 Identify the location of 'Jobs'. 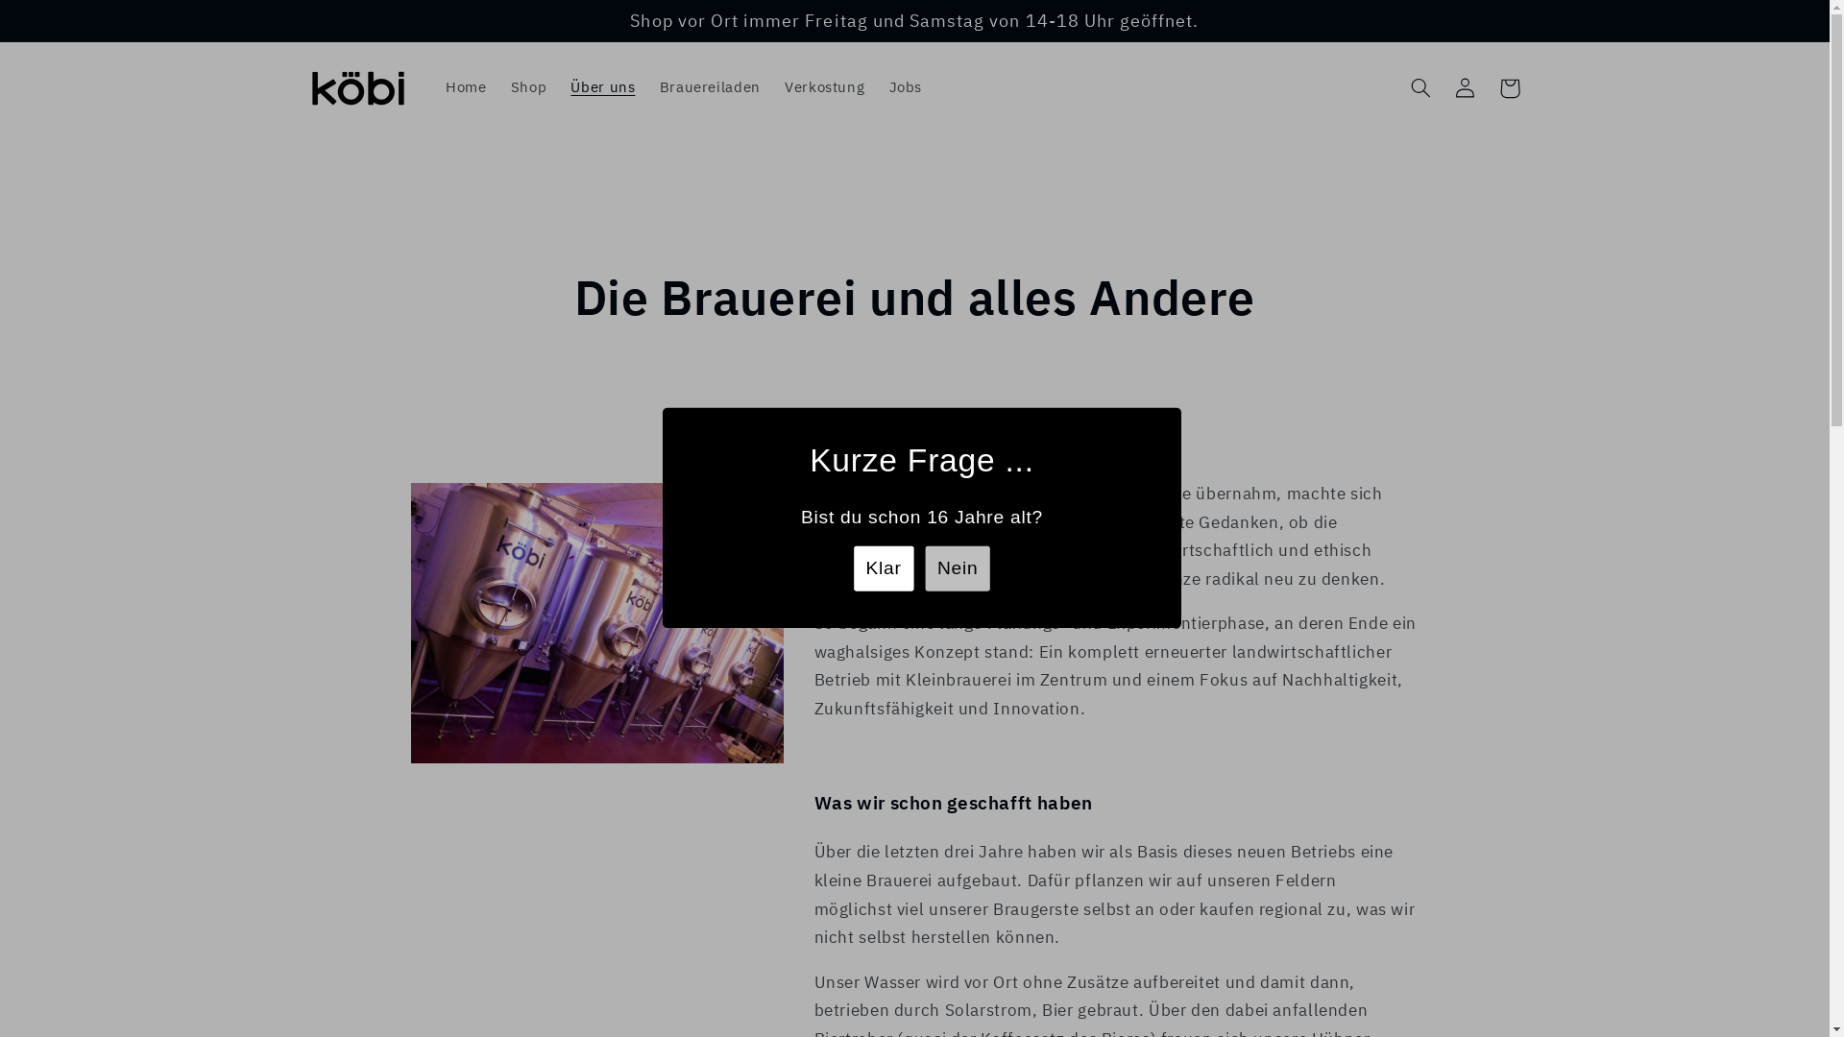
(904, 88).